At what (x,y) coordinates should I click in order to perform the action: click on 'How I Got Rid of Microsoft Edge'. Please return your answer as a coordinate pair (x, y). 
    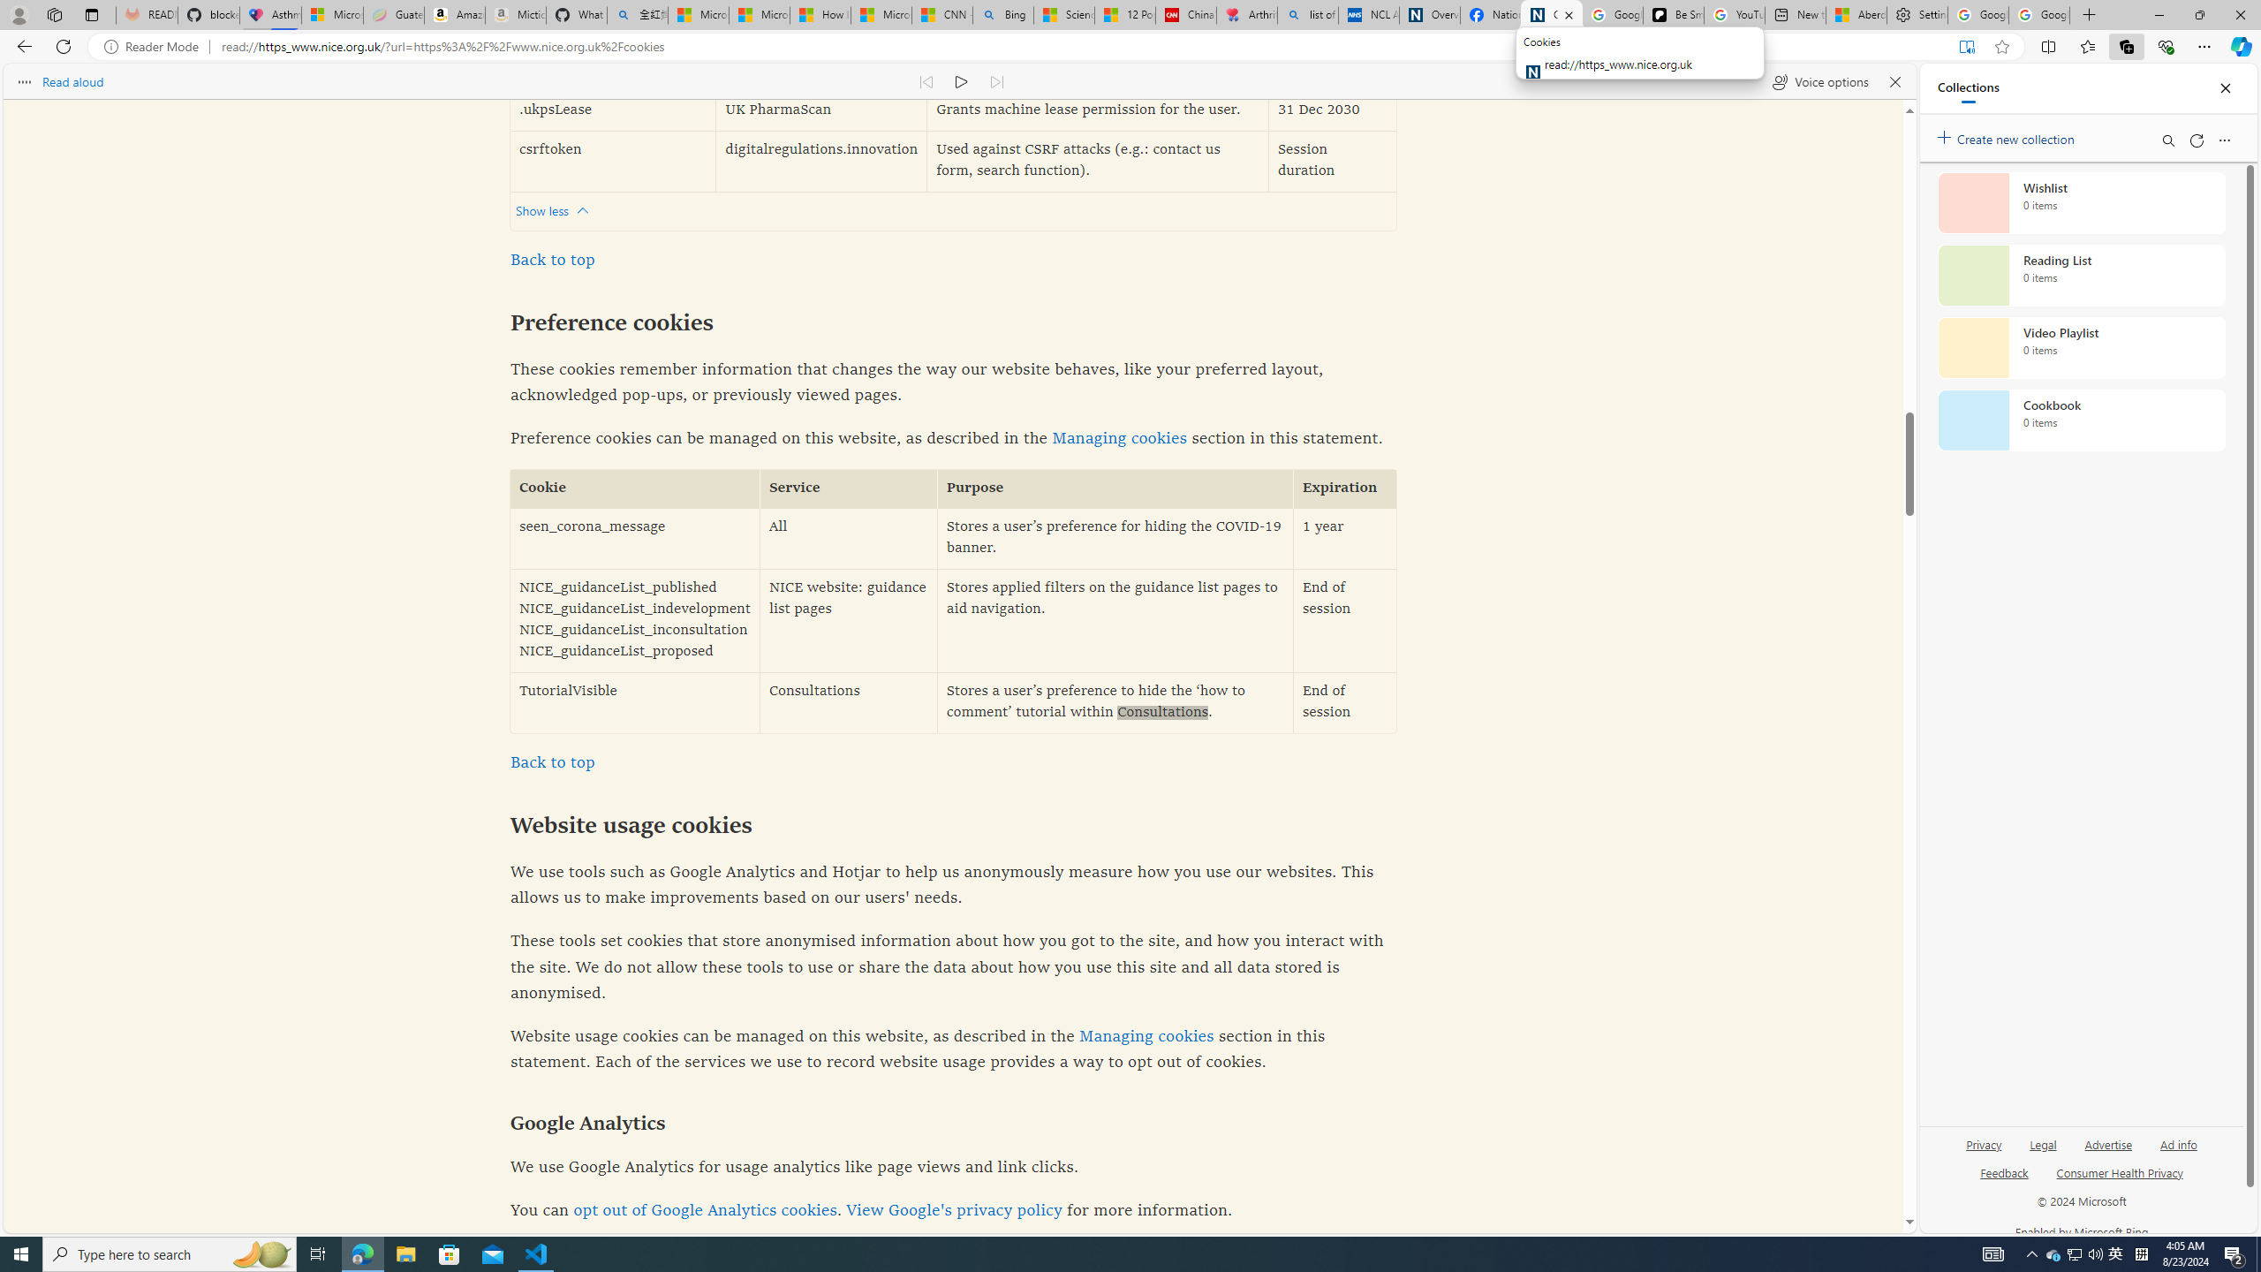
    Looking at the image, I should click on (820, 14).